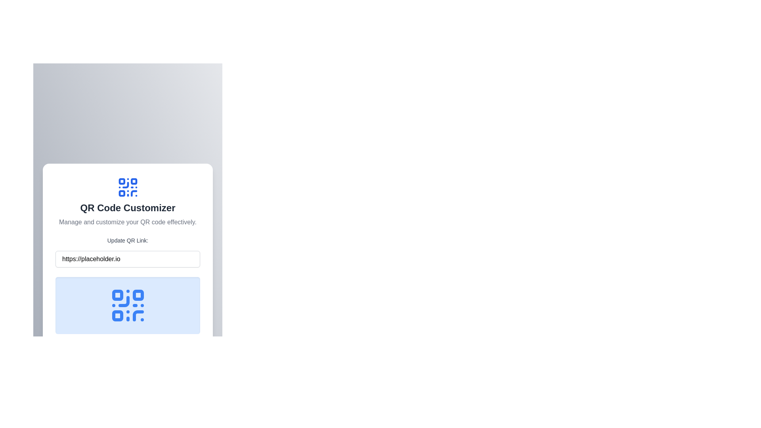 The height and width of the screenshot is (428, 761). Describe the element at coordinates (128, 201) in the screenshot. I see `the informational section titled 'QR Code Customizer' that features a blue QR code icon and a subtitle below it` at that location.